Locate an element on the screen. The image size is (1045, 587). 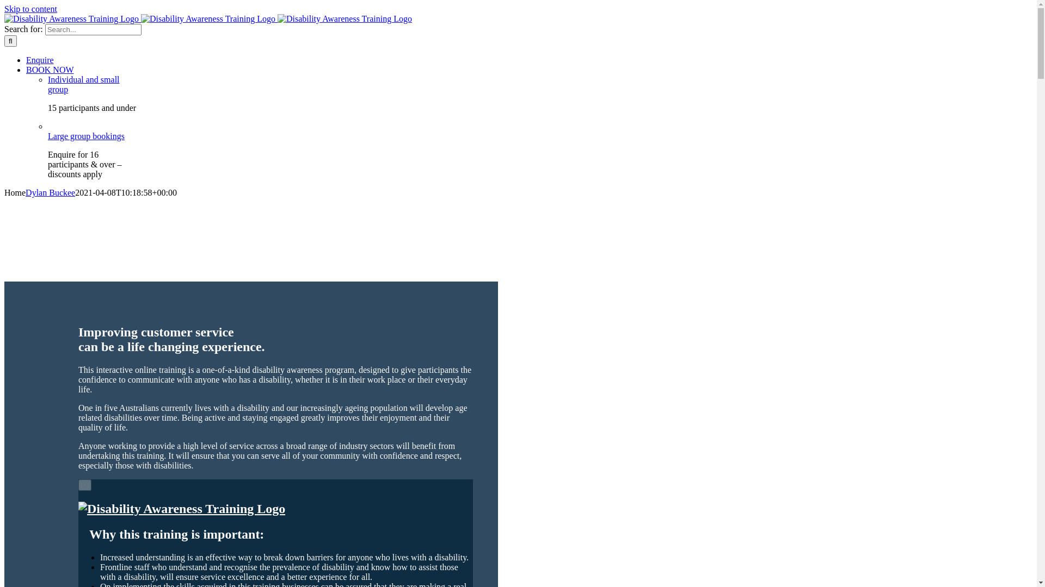
'Skip to content' is located at coordinates (30, 9).